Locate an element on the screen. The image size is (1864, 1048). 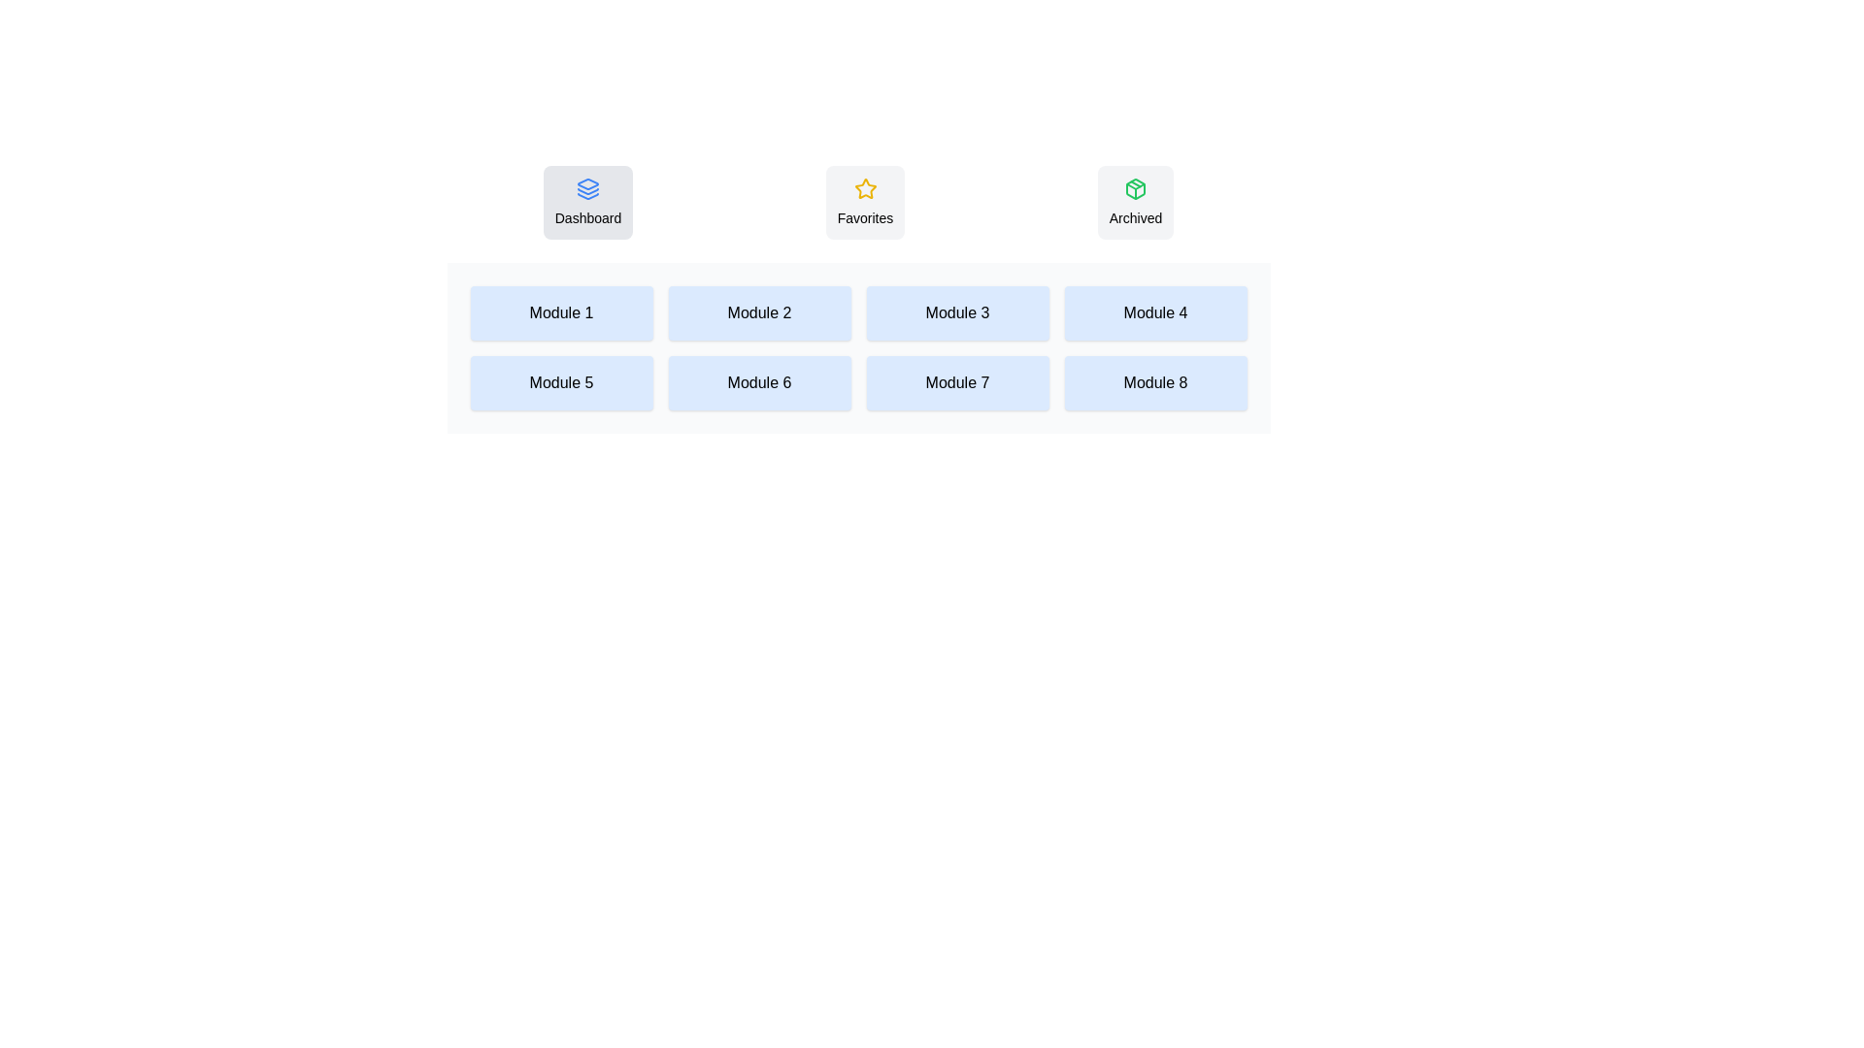
the Archived tab by clicking its button is located at coordinates (1136, 202).